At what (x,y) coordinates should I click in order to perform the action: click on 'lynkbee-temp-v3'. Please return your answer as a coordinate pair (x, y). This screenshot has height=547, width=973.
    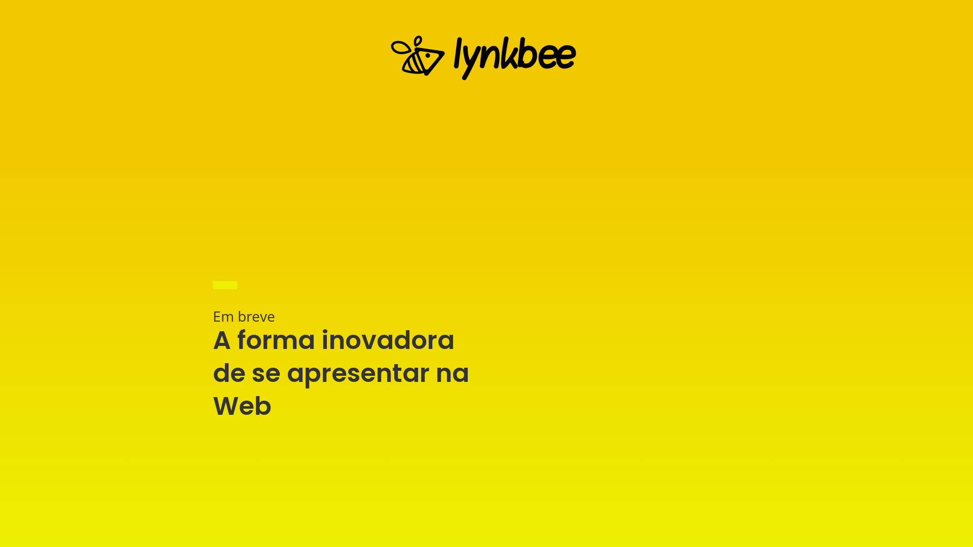
    Looking at the image, I should click on (486, 58).